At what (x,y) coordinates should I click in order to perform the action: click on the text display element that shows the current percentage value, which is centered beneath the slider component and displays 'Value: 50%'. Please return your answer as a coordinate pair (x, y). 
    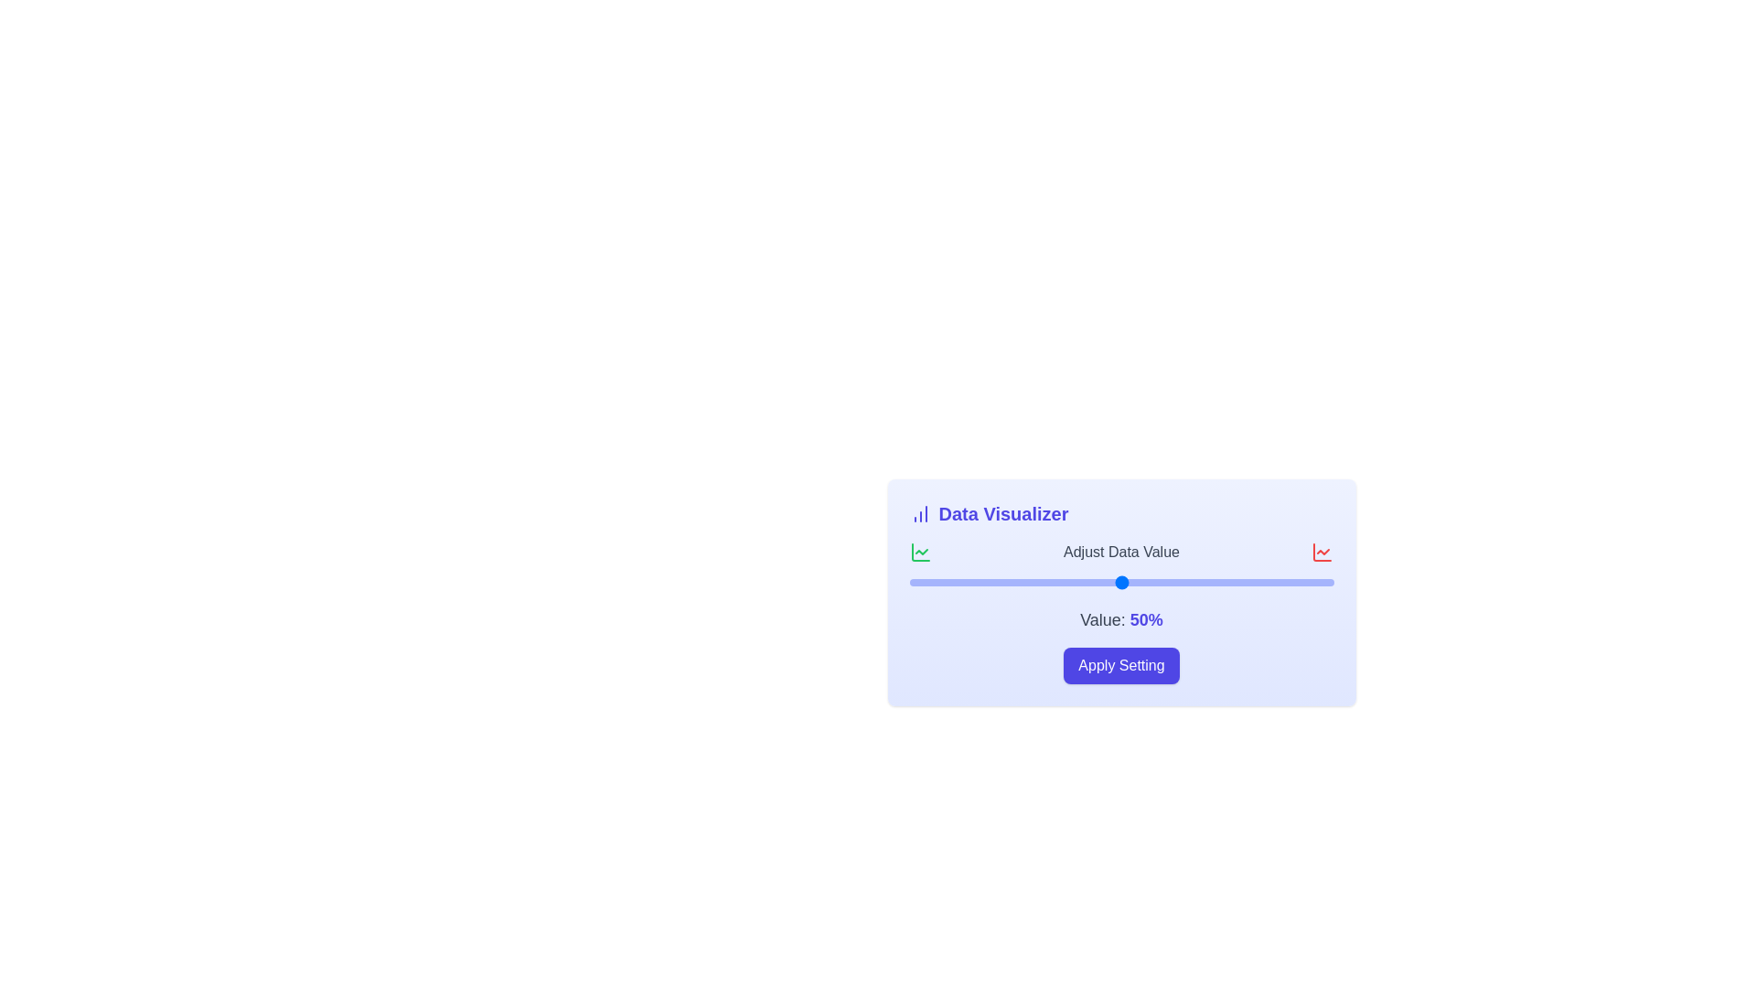
    Looking at the image, I should click on (1145, 619).